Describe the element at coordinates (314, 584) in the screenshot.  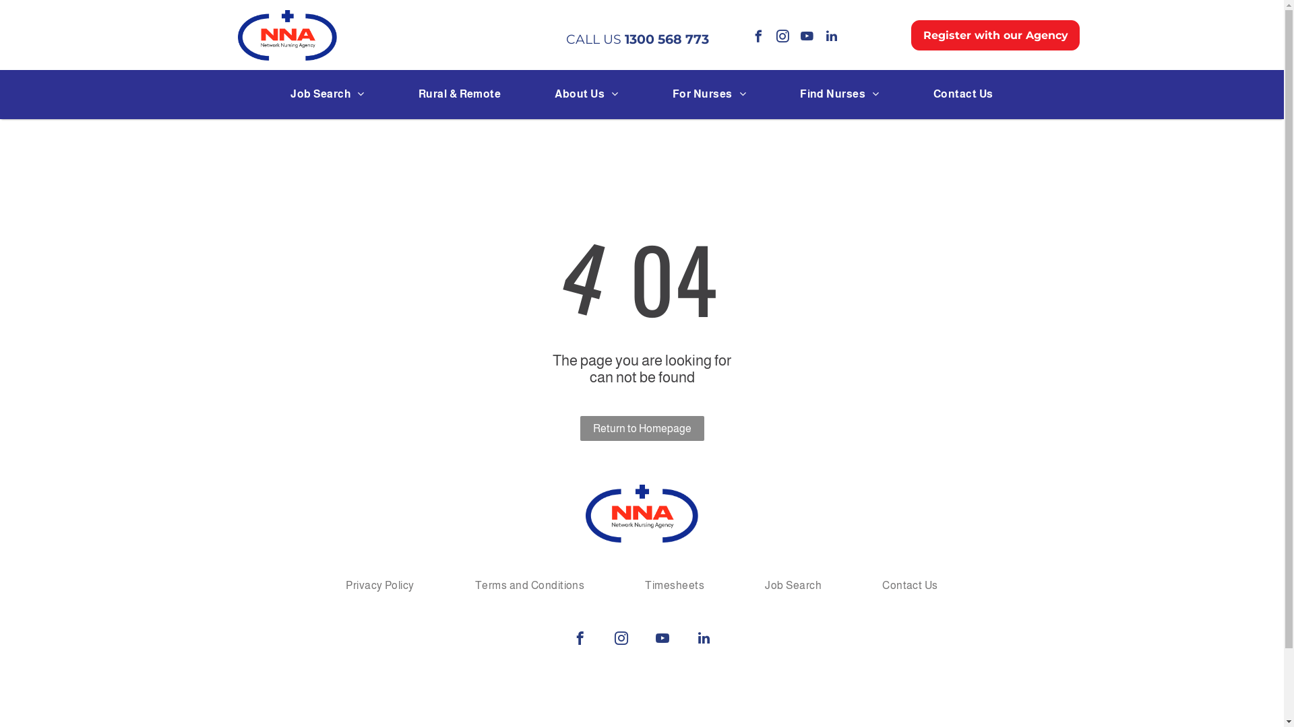
I see `'Privacy Policy'` at that location.